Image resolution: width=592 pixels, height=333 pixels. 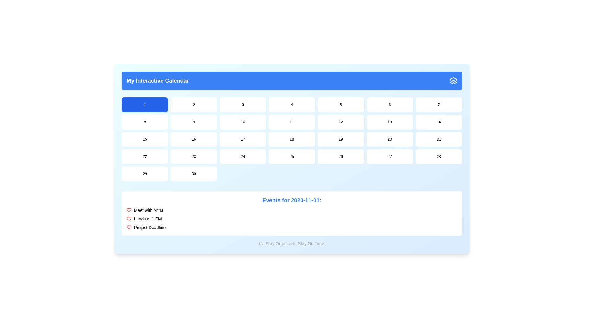 What do you see at coordinates (291, 139) in the screenshot?
I see `the calendar button representing the 18th day` at bounding box center [291, 139].